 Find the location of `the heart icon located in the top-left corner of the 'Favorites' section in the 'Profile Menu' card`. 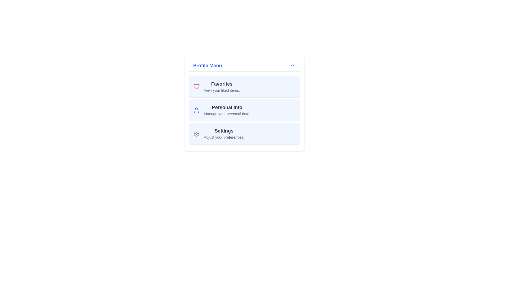

the heart icon located in the top-left corner of the 'Favorites' section in the 'Profile Menu' card is located at coordinates (196, 86).